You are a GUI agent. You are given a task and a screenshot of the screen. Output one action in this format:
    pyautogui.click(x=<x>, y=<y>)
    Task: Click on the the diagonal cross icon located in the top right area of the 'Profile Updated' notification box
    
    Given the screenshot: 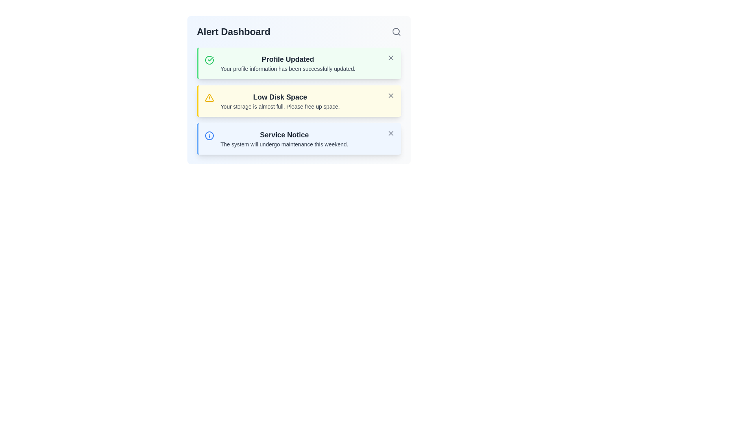 What is the action you would take?
    pyautogui.click(x=391, y=57)
    